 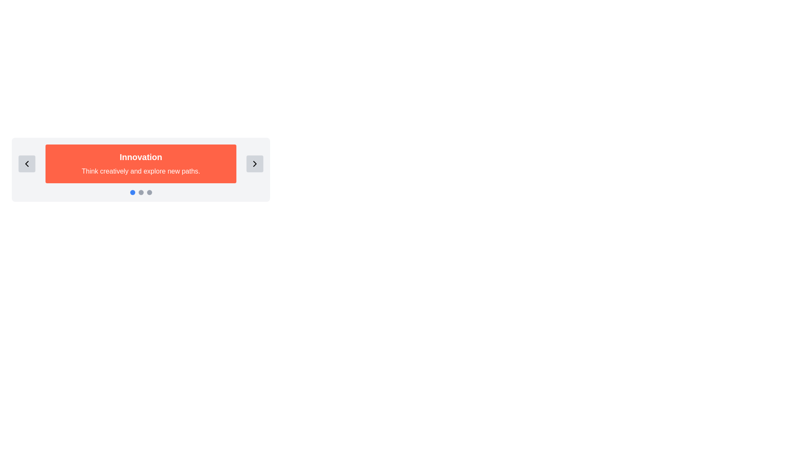 I want to click on the red rectangular text block containing the words 'Innovation' and 'Think creatively and explore new paths.', so click(x=141, y=164).